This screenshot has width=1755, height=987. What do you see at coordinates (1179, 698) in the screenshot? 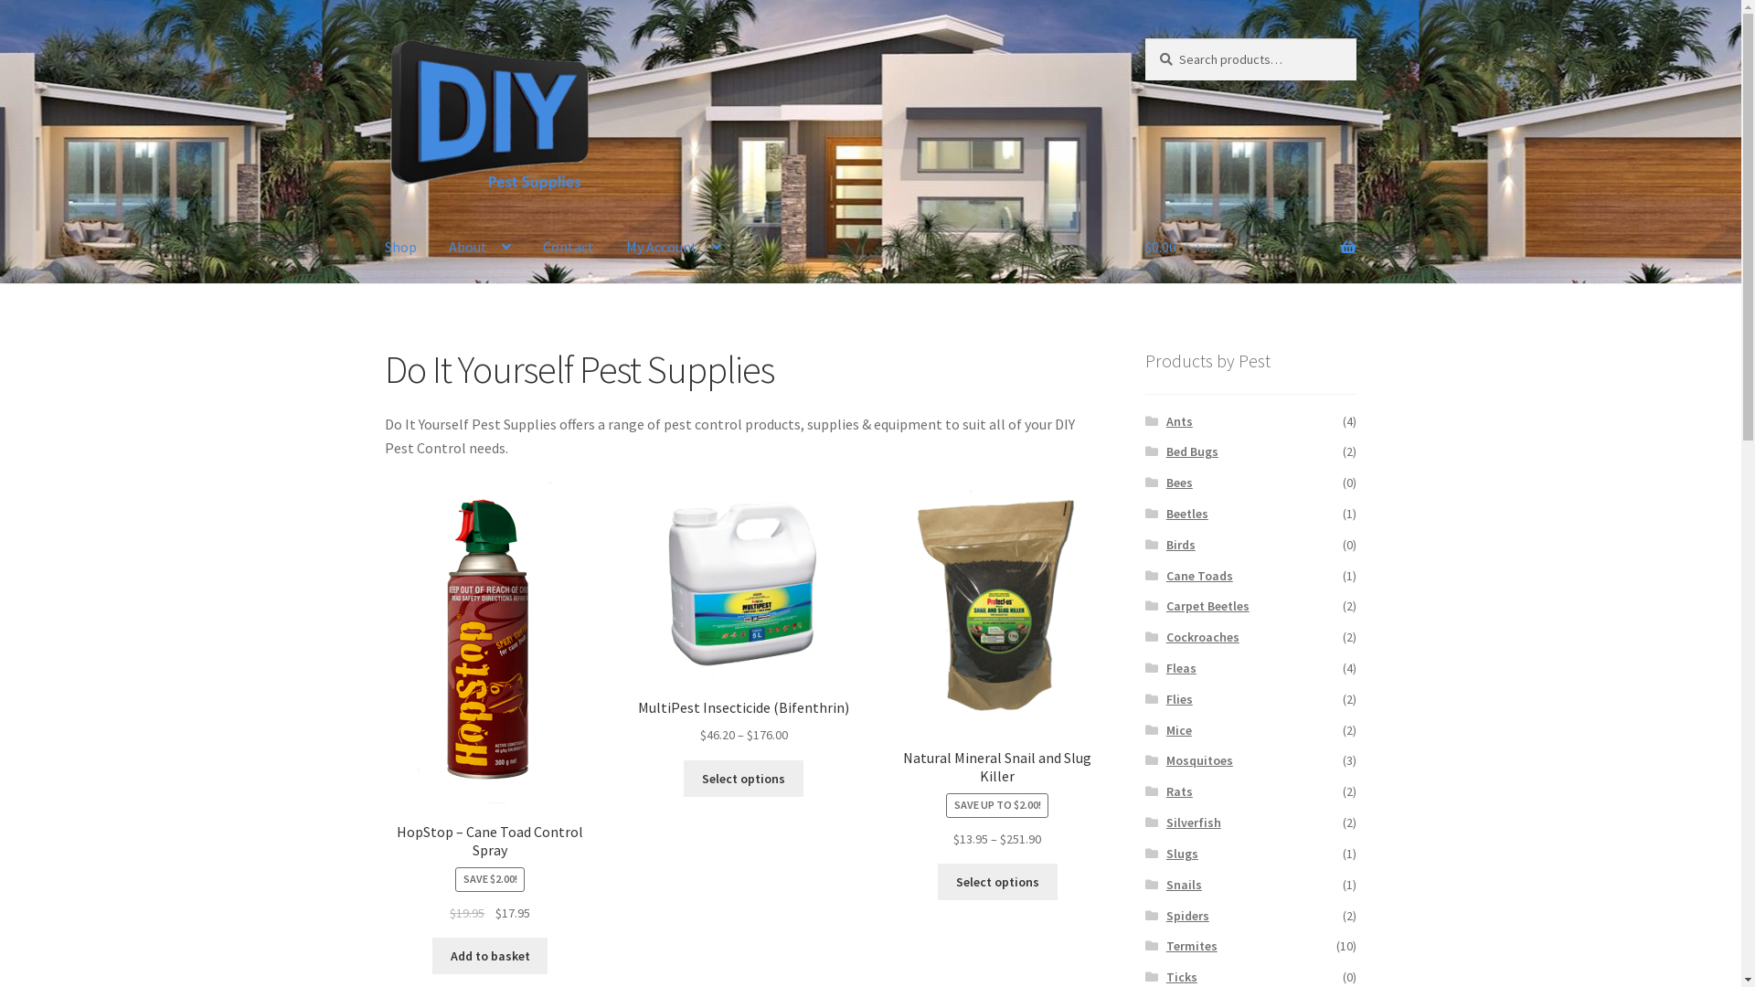
I see `'Flies'` at bounding box center [1179, 698].